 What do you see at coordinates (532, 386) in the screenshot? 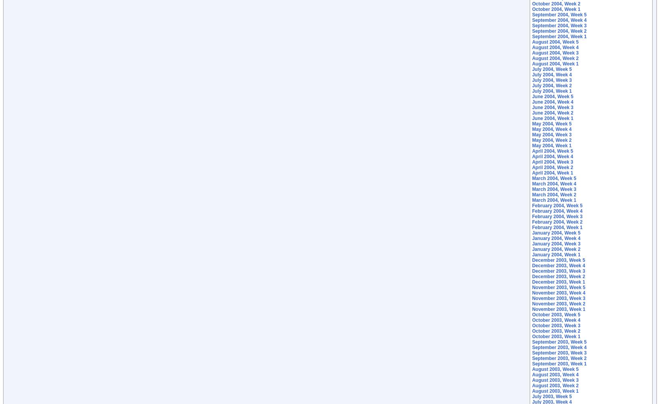
I see `'August 2003, Week 2'` at bounding box center [532, 386].